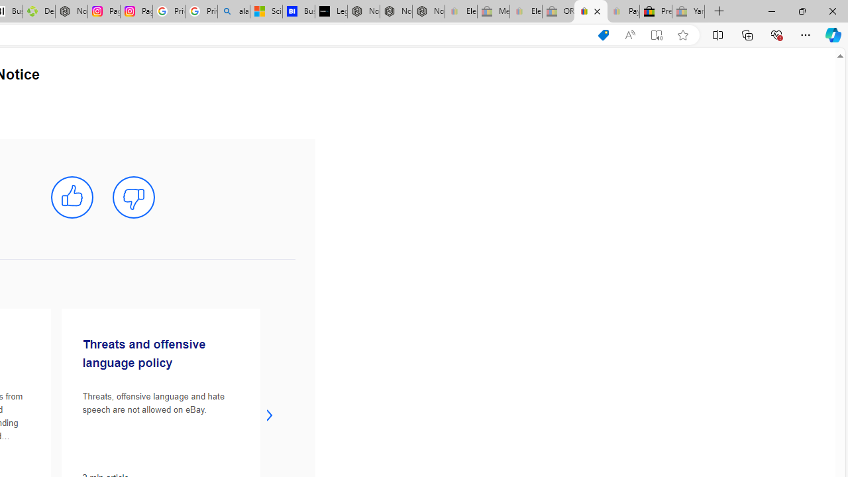  What do you see at coordinates (71, 197) in the screenshot?
I see `'mark this article helpful'` at bounding box center [71, 197].